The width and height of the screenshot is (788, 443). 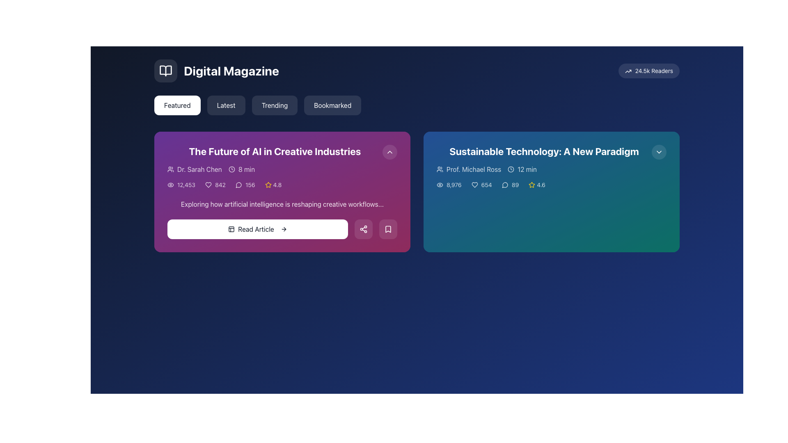 What do you see at coordinates (511, 169) in the screenshot?
I see `the circular clock icon with a minimalist design that represents time, located to the right of the title 'Sustainable Technology: A New Paradigm.'` at bounding box center [511, 169].